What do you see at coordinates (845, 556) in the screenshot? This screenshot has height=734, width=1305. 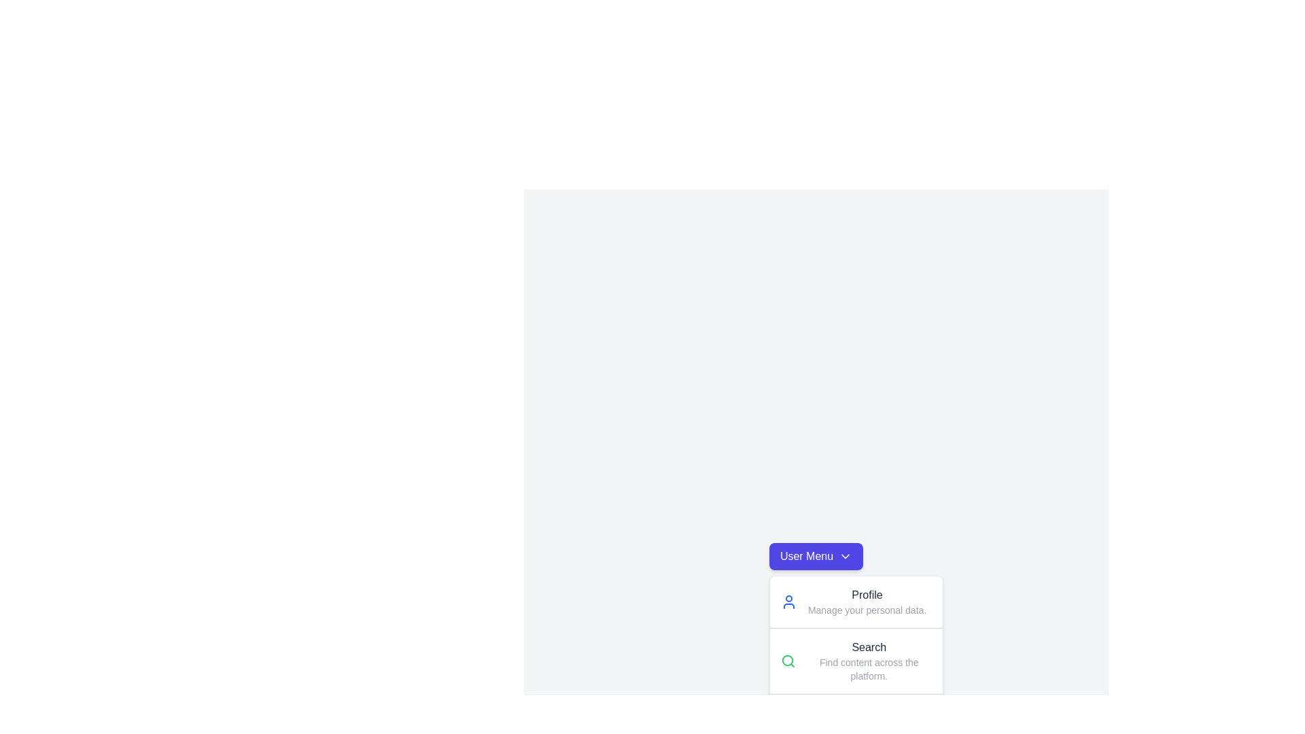 I see `the downward-pointing chevron icon styled in white against a purple background, which is part of the 'User Menu' button located to the right of the text 'User Menu.'` at bounding box center [845, 556].